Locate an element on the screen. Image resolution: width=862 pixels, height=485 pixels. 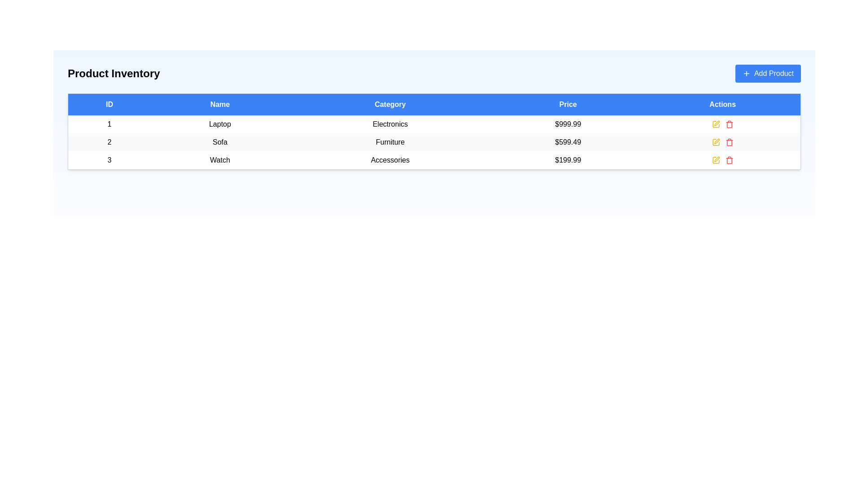
the text label displaying 'Accessories' in the third column of the third row of the table, which is centered in the interface and follows the 'Watch' text is located at coordinates (390, 160).